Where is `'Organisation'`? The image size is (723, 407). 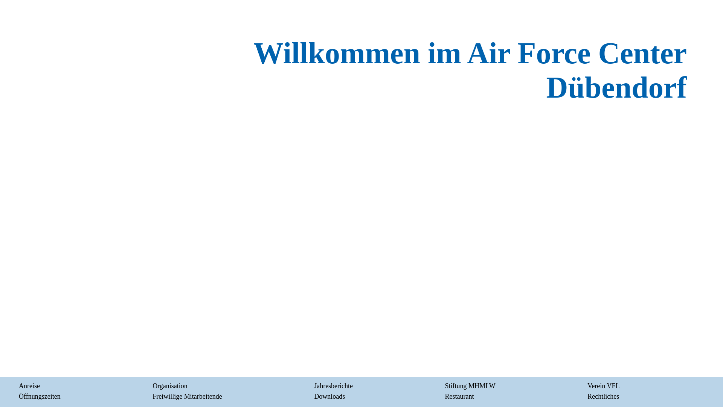 'Organisation' is located at coordinates (169, 386).